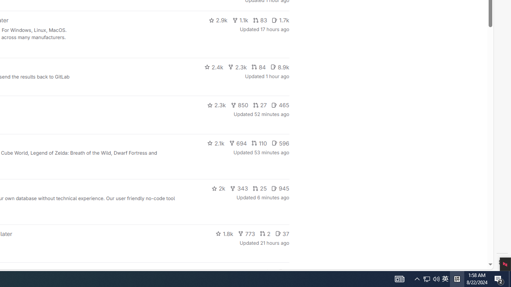 This screenshot has width=511, height=287. I want to click on '465', so click(280, 104).